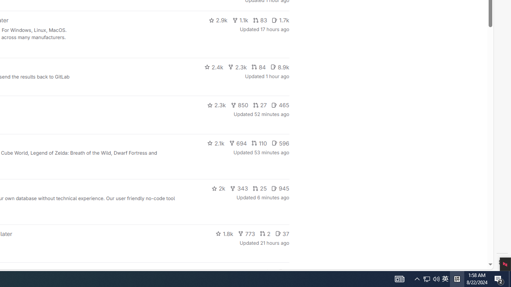 This screenshot has width=511, height=287. I want to click on '465', so click(280, 104).